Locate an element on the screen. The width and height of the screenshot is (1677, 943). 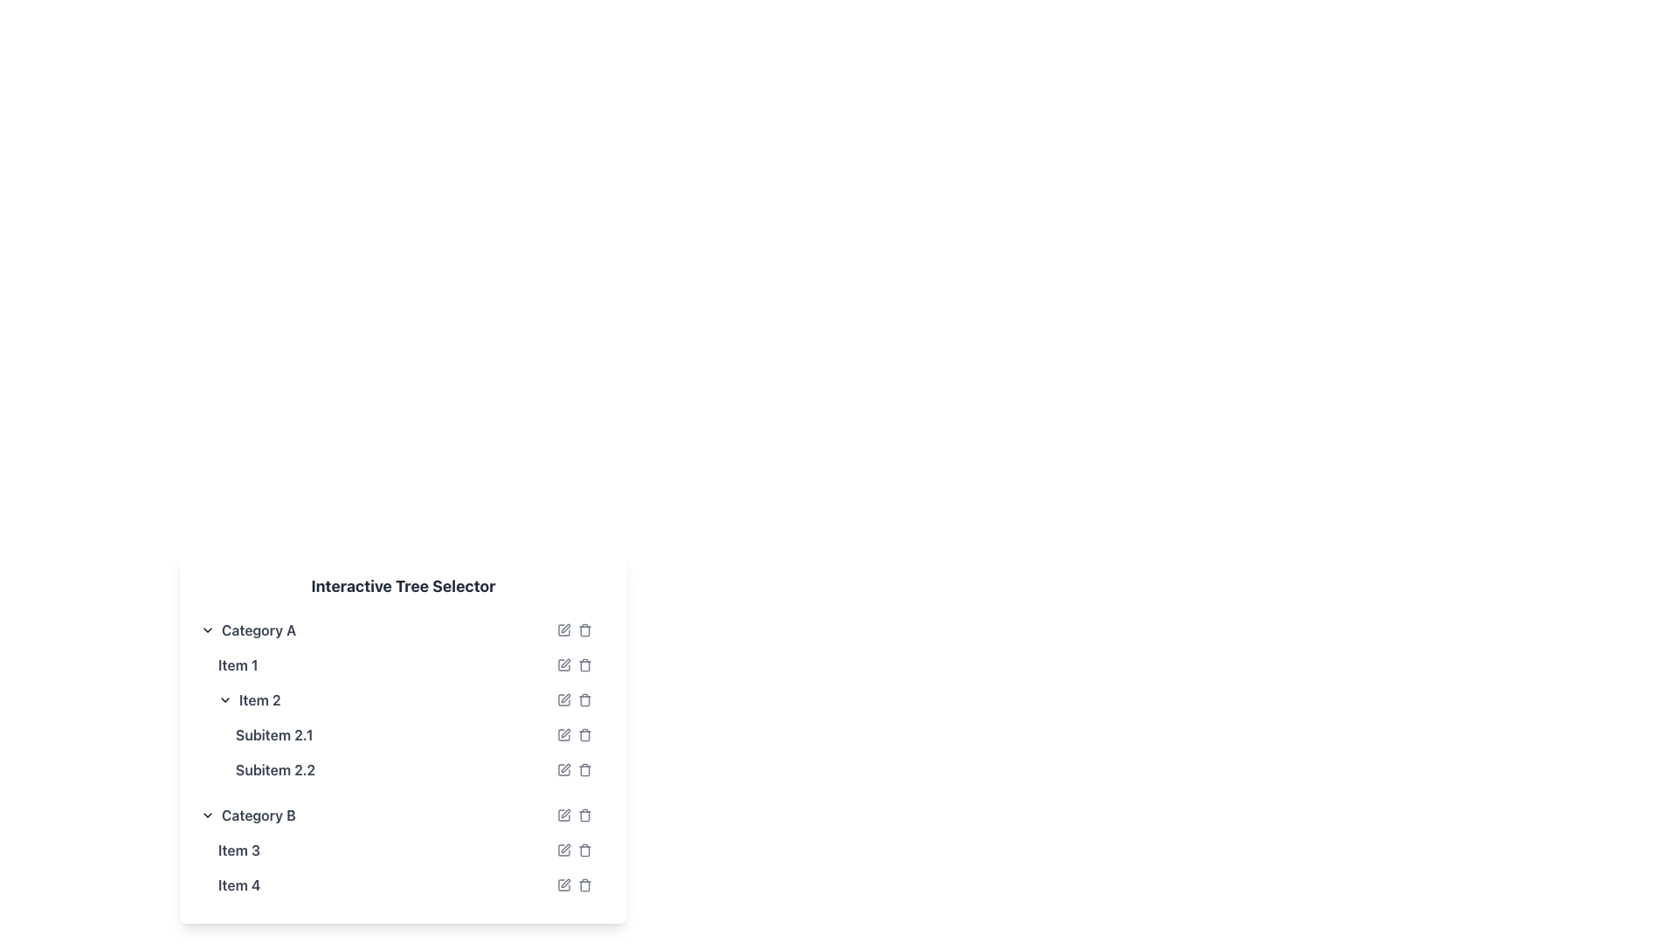
the first subitem under 'Item 2' in the 'Interactive Tree Selector' menu, which serves as a label for a specific subcategory is located at coordinates (273, 734).